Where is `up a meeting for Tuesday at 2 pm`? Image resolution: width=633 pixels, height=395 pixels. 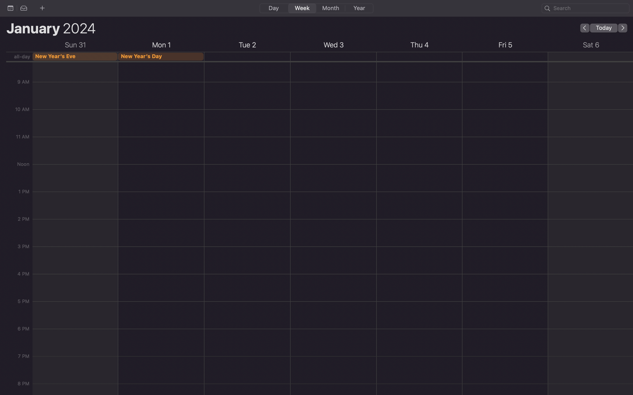
up a meeting for Tuesday at 2 pm is located at coordinates (247, 255).